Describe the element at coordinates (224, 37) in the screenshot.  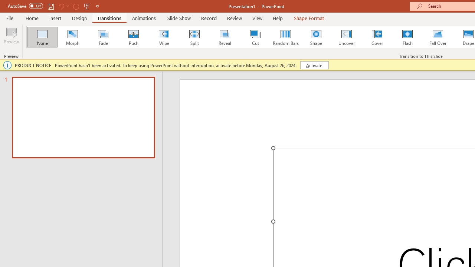
I see `'Reveal'` at that location.